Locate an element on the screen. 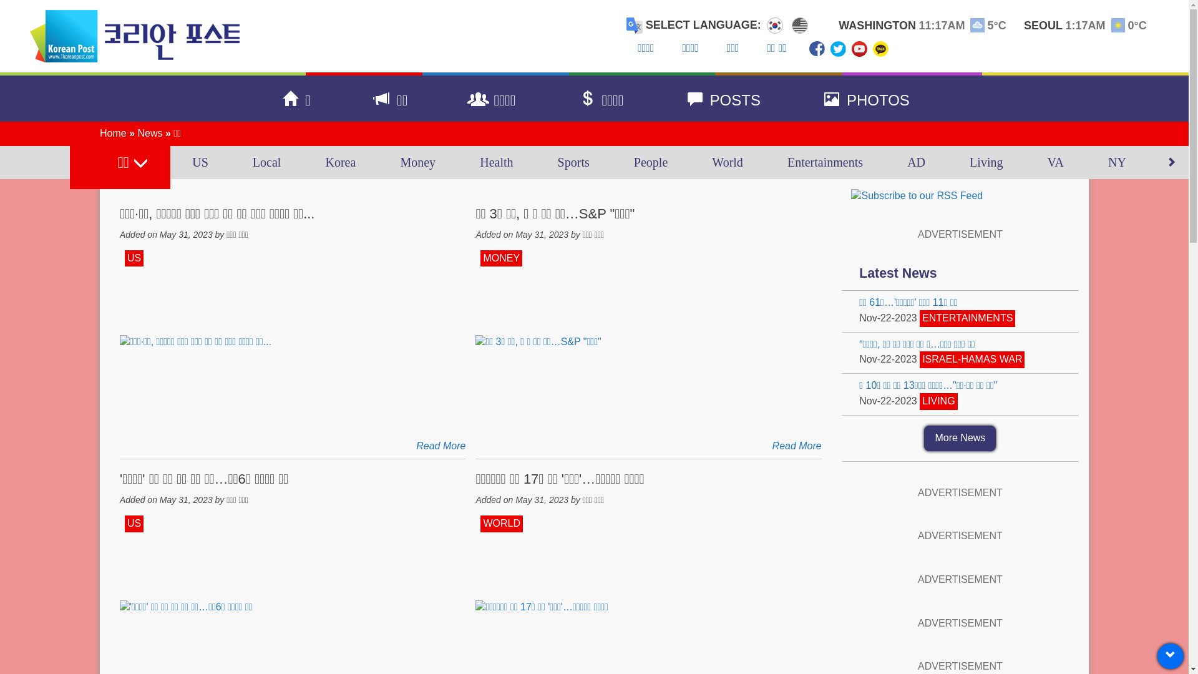 The height and width of the screenshot is (674, 1198). 'Subscribe to Us on YouTube' is located at coordinates (859, 48).